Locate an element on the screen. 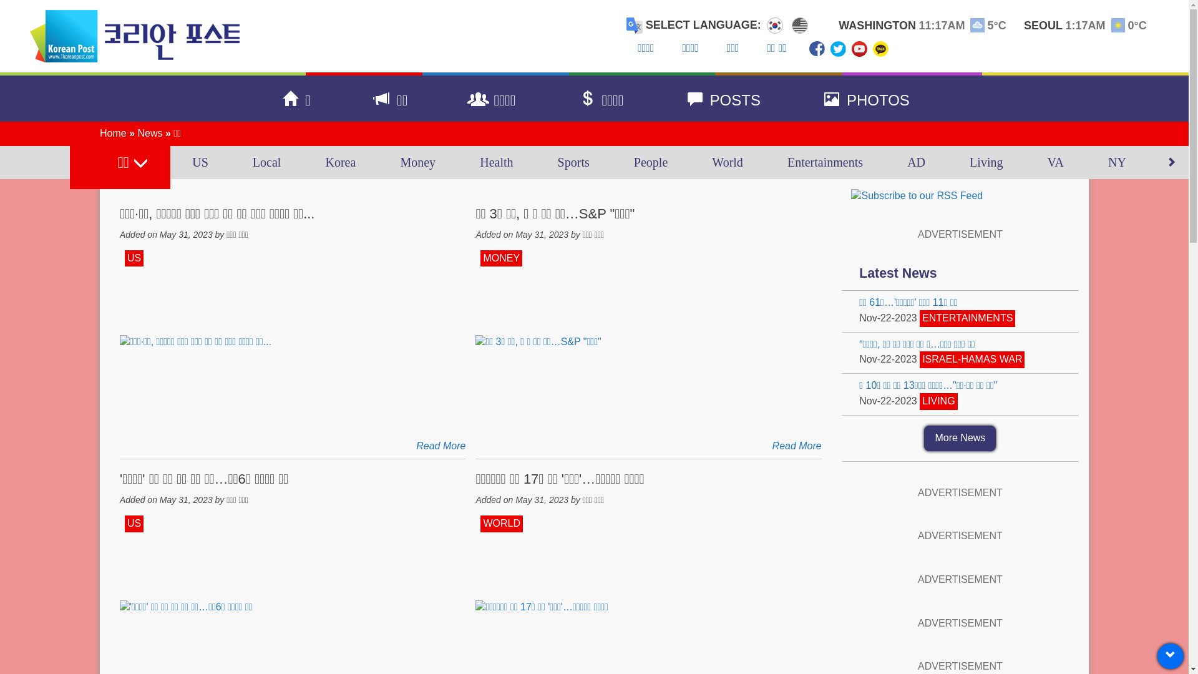 The height and width of the screenshot is (674, 1198). 'Subscribe to Us on YouTube' is located at coordinates (859, 48).